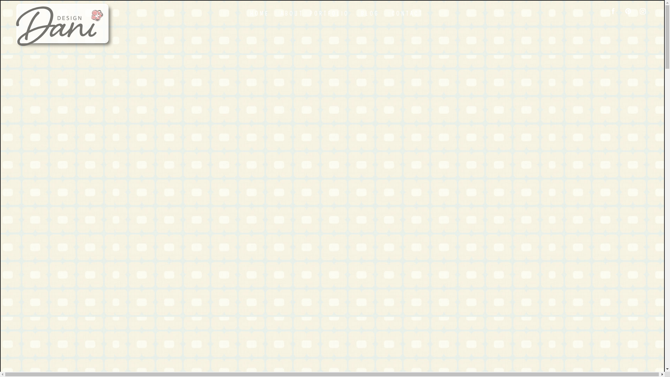 The width and height of the screenshot is (670, 377). What do you see at coordinates (370, 13) in the screenshot?
I see `'BLOG'` at bounding box center [370, 13].